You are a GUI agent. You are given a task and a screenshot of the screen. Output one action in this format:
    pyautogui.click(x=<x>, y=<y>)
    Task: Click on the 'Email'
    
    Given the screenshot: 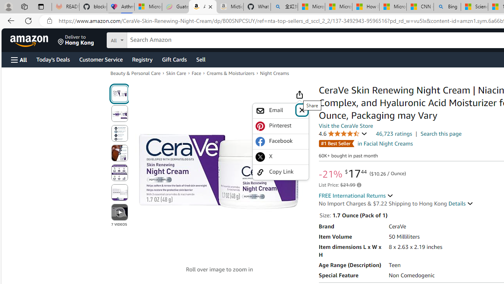 What is the action you would take?
    pyautogui.click(x=275, y=110)
    